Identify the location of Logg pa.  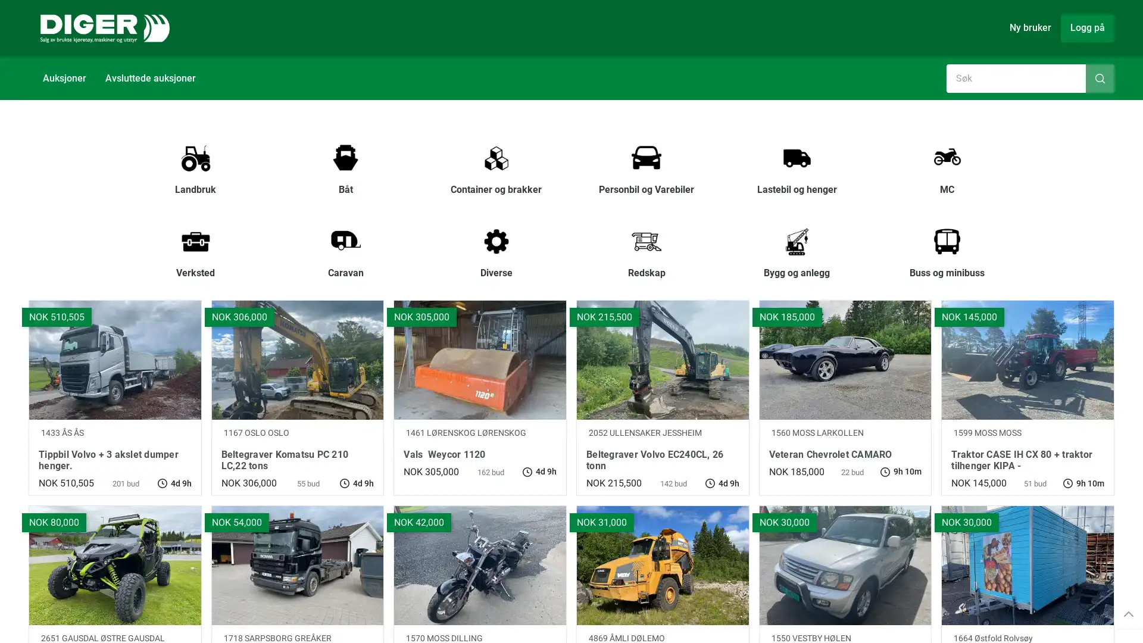
(1088, 27).